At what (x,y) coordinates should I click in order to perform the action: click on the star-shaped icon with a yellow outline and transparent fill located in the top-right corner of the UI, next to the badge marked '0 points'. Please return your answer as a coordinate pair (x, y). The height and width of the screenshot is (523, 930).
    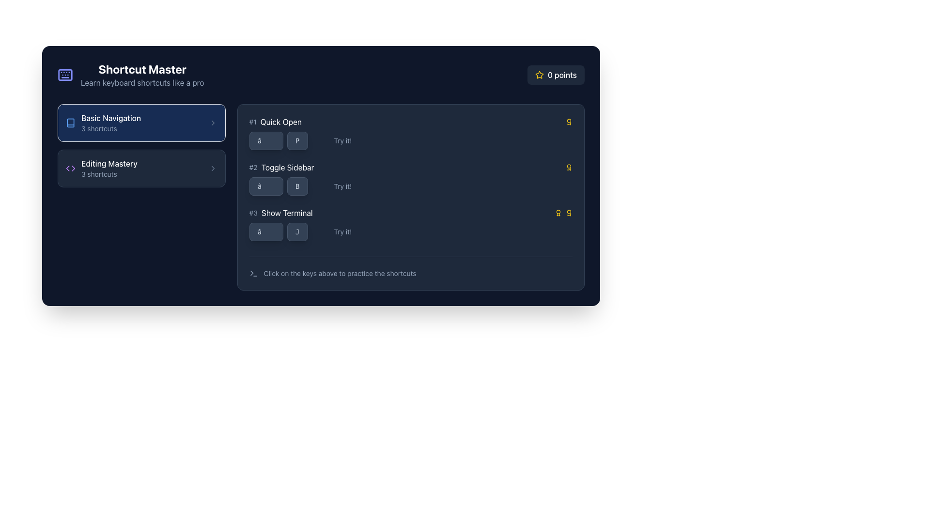
    Looking at the image, I should click on (539, 74).